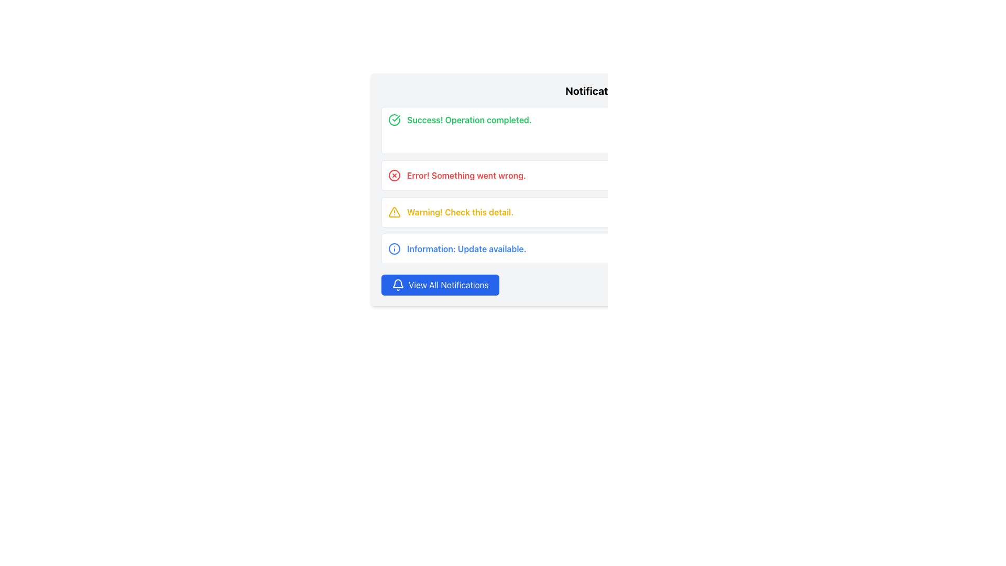 This screenshot has width=1006, height=566. I want to click on the SVG Circle that represents the information icon's outline in the 'Information: Update available' section, so click(394, 248).